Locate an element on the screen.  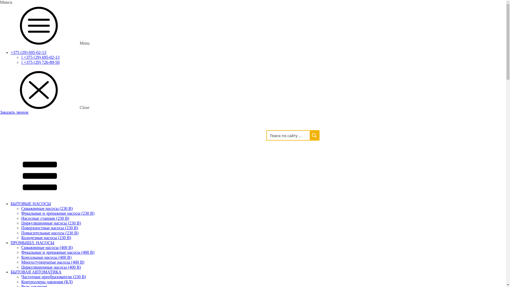
'+375 (29) 695-02-13' is located at coordinates (28, 52).